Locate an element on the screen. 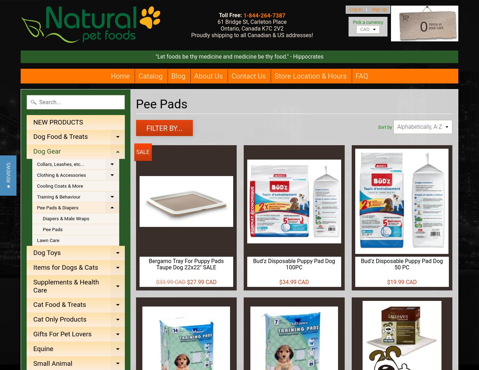 The image size is (479, 370). 'Filter by...' is located at coordinates (164, 128).